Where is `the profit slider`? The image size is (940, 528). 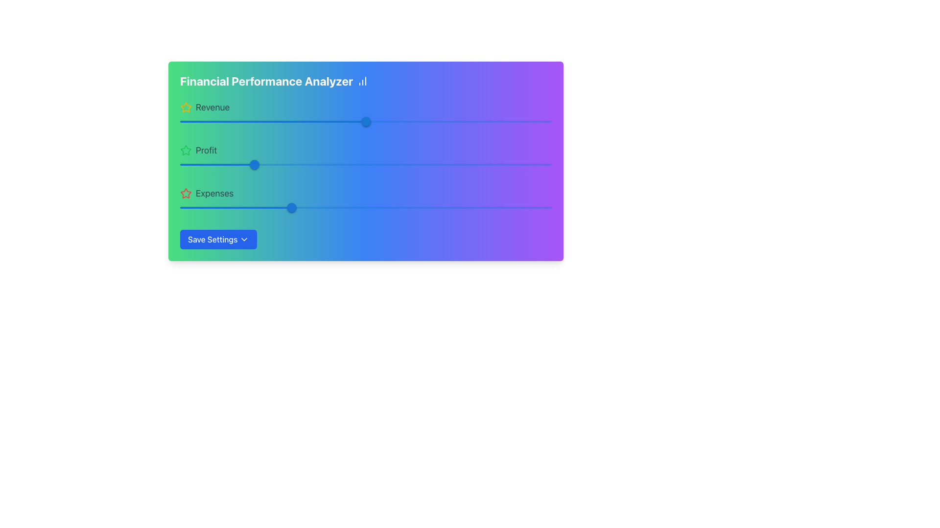 the profit slider is located at coordinates (441, 164).